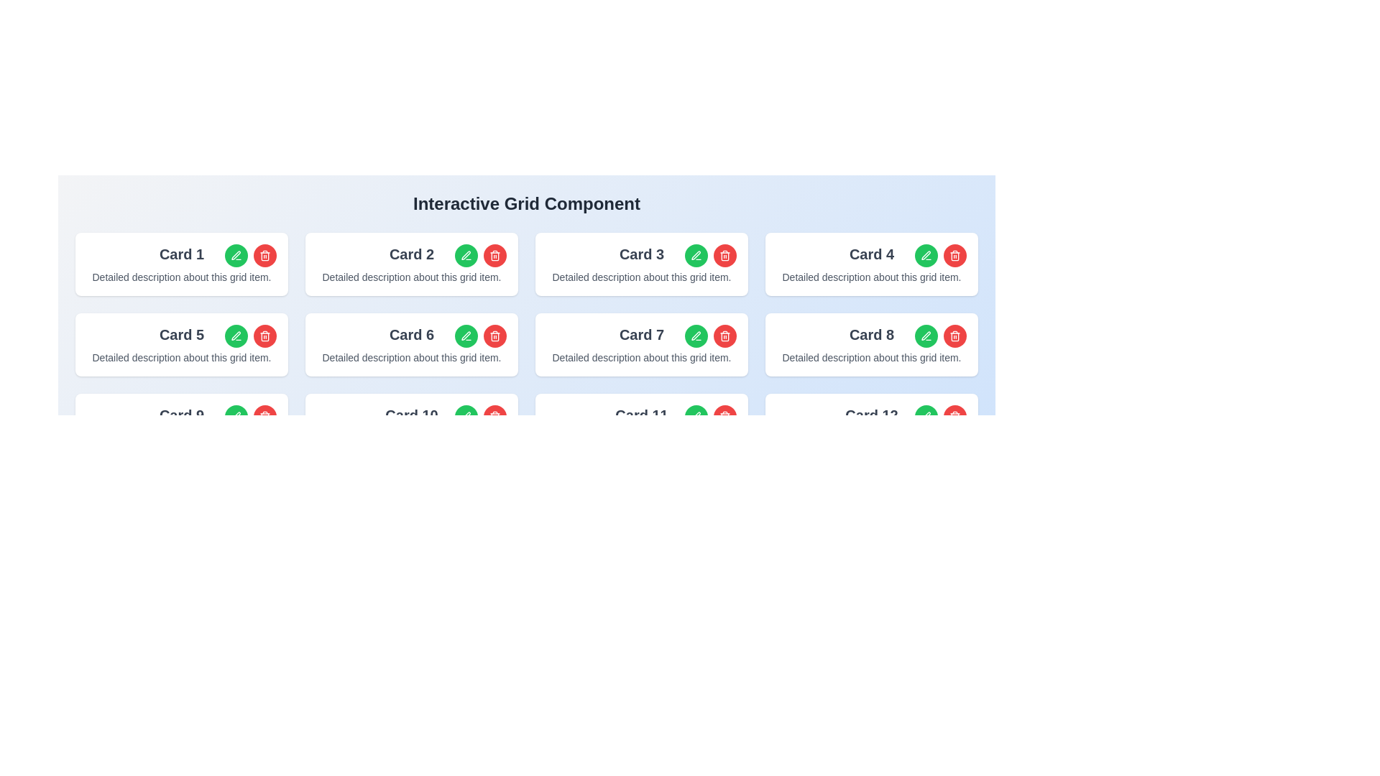 The image size is (1380, 776). I want to click on the pen-shaped IconButton located, so click(236, 416).